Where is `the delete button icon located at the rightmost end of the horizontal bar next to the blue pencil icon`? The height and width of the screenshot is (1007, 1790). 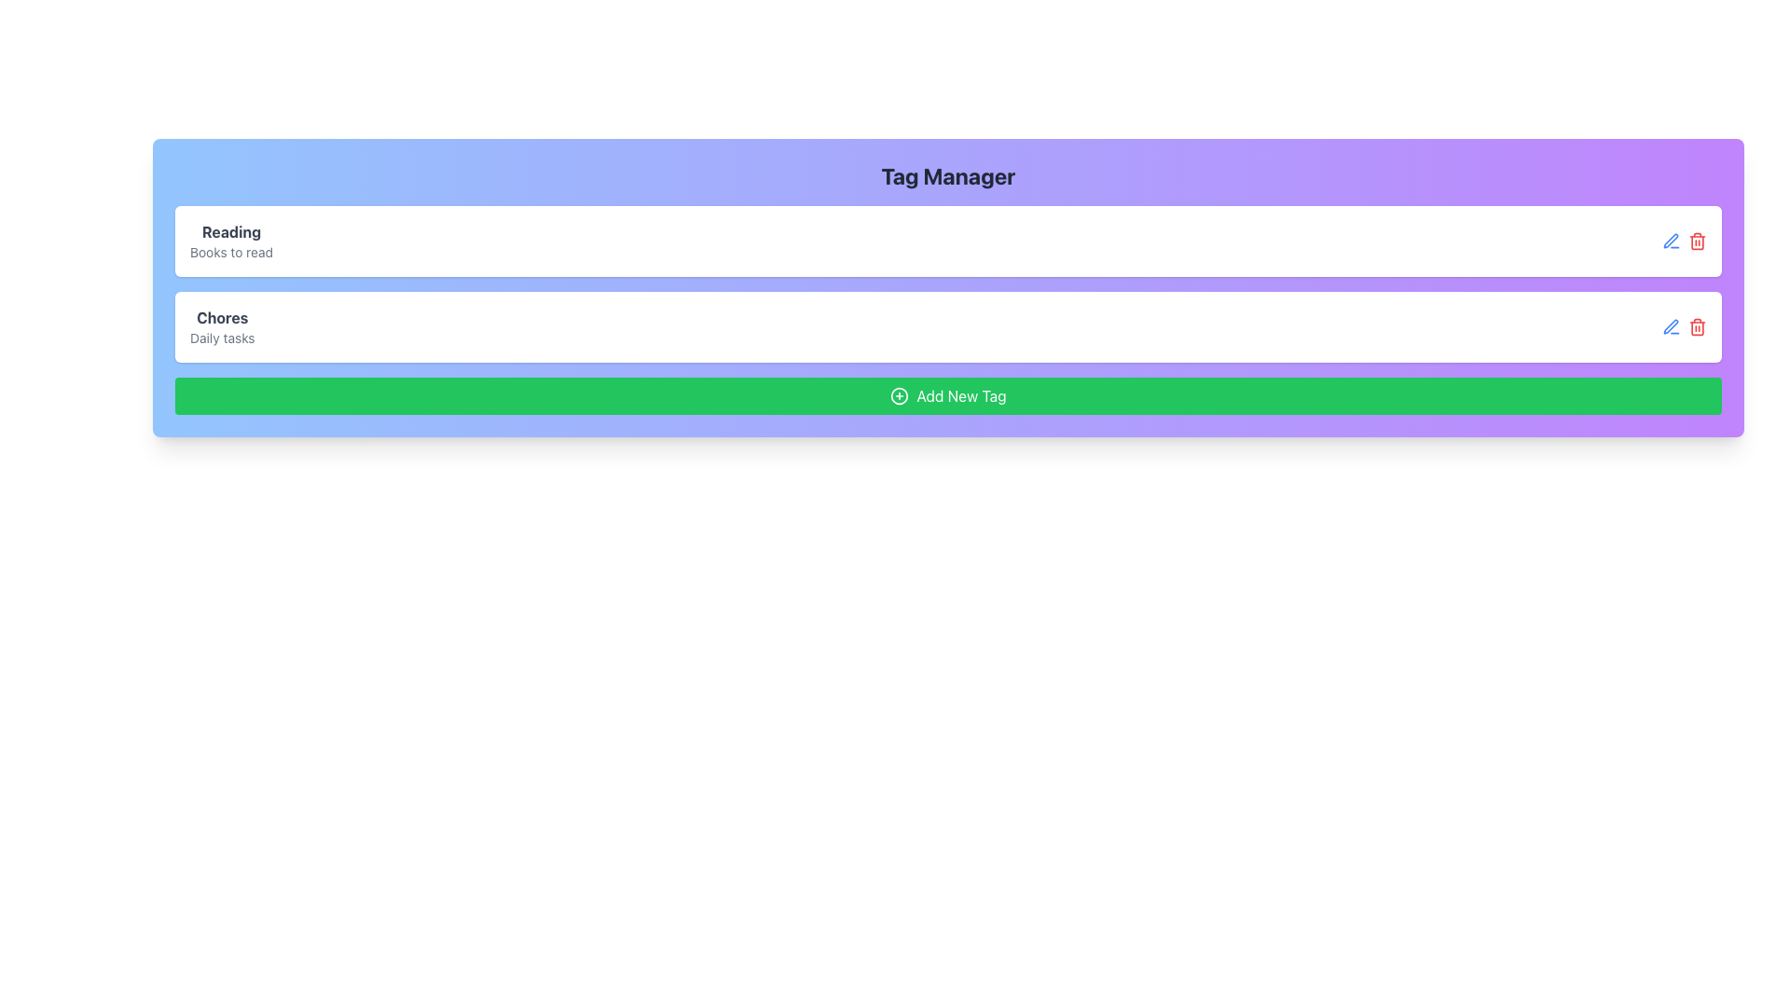 the delete button icon located at the rightmost end of the horizontal bar next to the blue pencil icon is located at coordinates (1697, 326).